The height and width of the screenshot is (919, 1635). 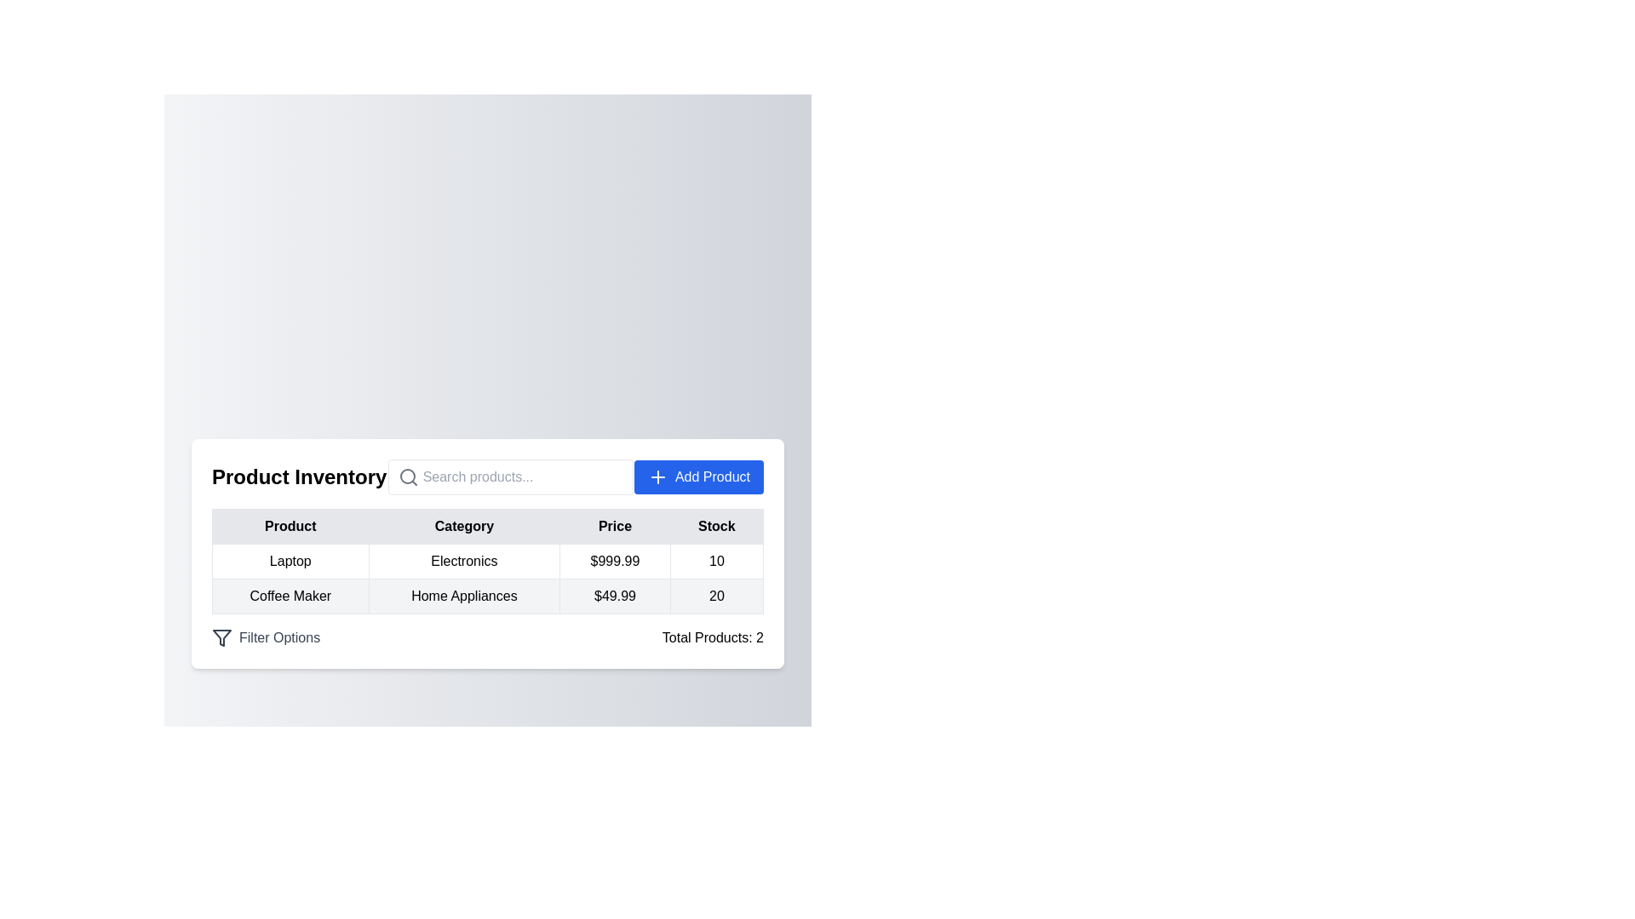 I want to click on the 'Add Product' button located to the far right of the 'Product Inventory' header, so click(x=698, y=477).